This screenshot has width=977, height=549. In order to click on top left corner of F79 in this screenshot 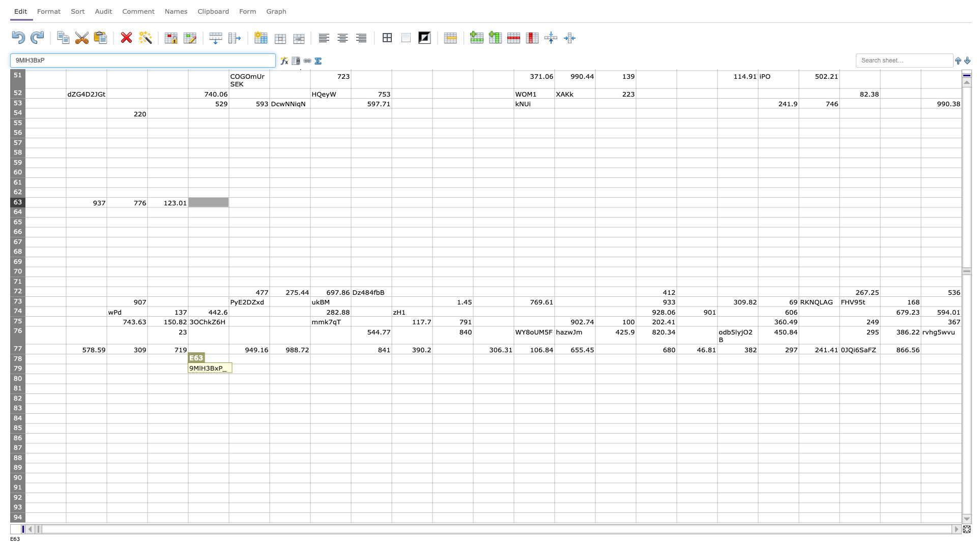, I will do `click(228, 363)`.